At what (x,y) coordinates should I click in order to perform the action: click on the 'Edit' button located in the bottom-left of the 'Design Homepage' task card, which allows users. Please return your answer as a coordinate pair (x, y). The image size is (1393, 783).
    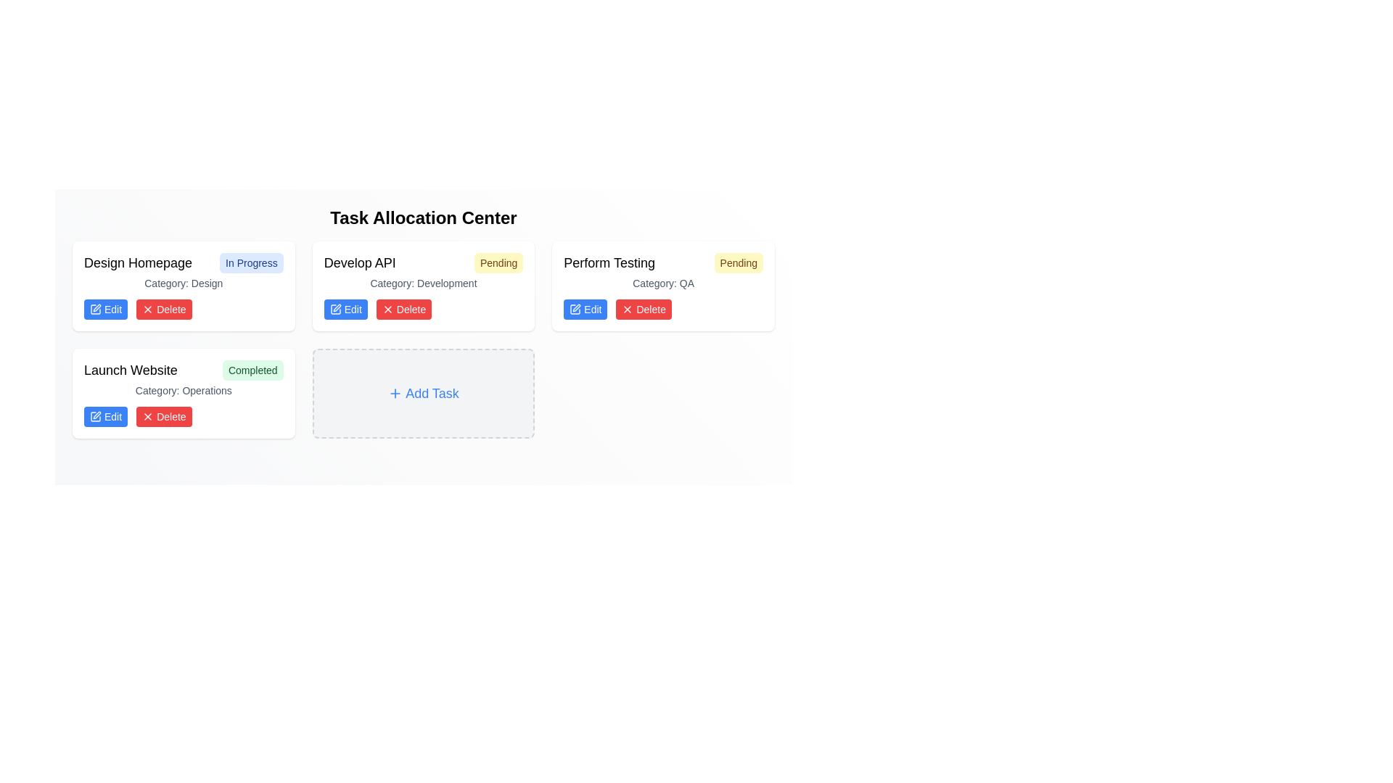
    Looking at the image, I should click on (105, 309).